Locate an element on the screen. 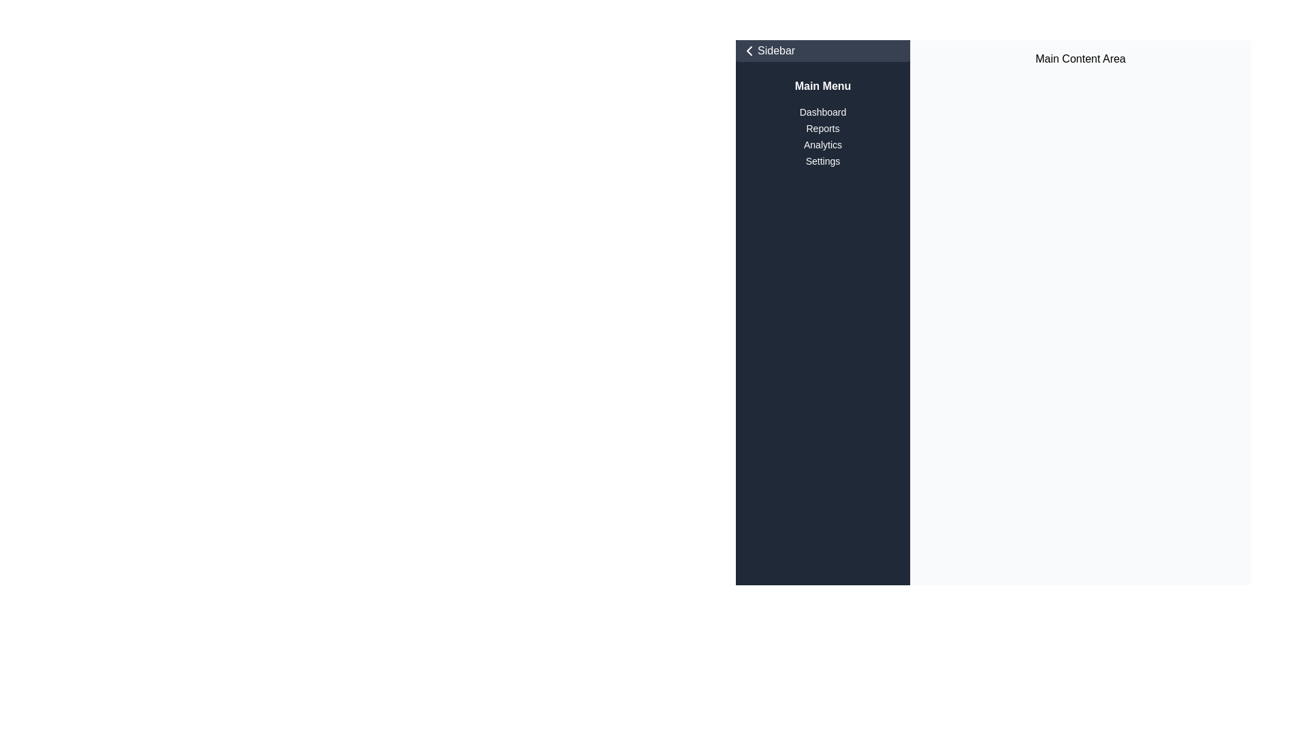 This screenshot has width=1307, height=735. the 'Settings' text label in the sidebar is located at coordinates (822, 160).